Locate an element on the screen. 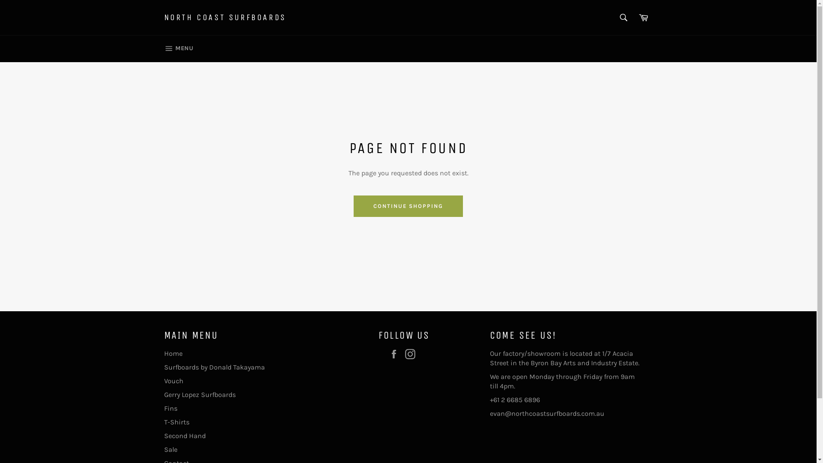 Image resolution: width=823 pixels, height=463 pixels. 'Instagram' is located at coordinates (411, 354).